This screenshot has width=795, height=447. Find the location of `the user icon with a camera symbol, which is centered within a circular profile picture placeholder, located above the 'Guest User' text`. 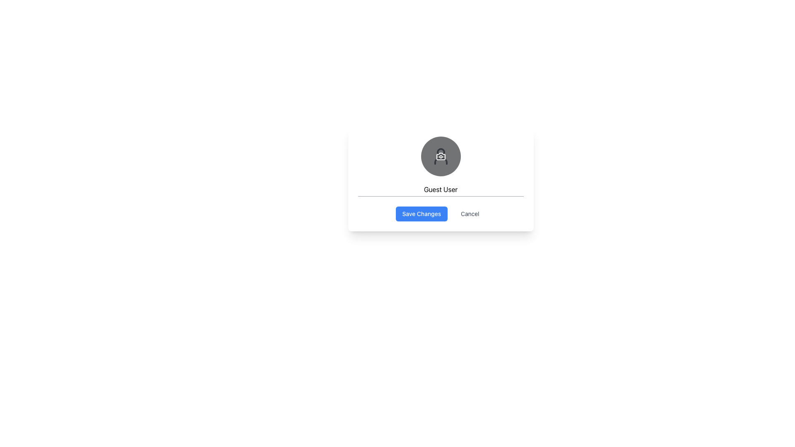

the user icon with a camera symbol, which is centered within a circular profile picture placeholder, located above the 'Guest User' text is located at coordinates (440, 156).